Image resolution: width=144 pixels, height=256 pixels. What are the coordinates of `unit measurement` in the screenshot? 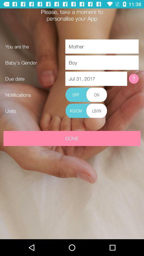 It's located at (86, 111).